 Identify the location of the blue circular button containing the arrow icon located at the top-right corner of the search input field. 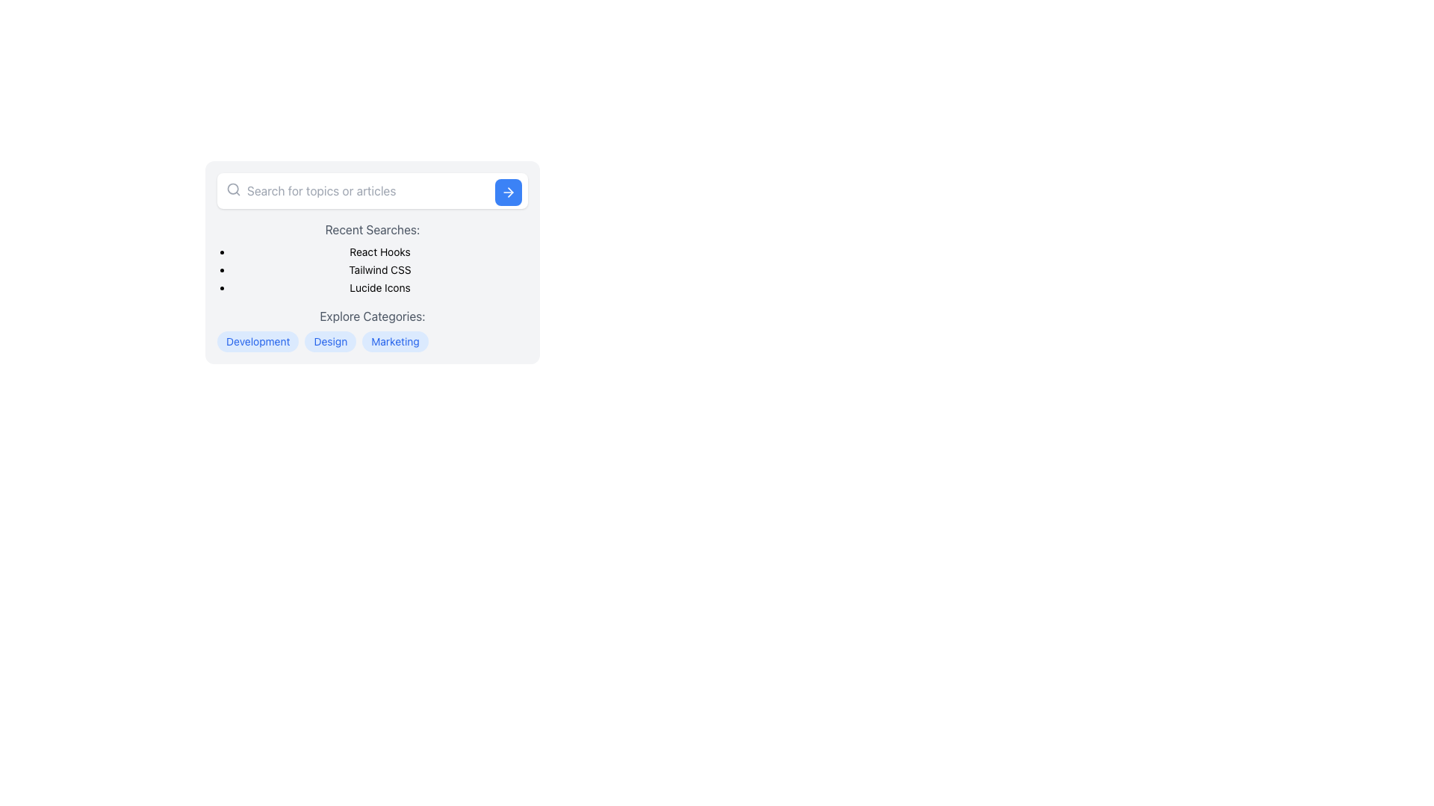
(509, 192).